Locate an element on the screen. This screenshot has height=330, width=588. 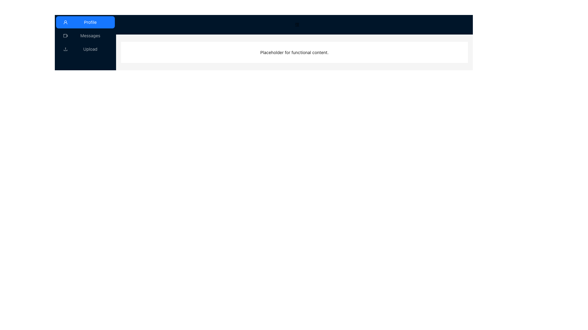
the Sidebar Menu is located at coordinates (85, 42).